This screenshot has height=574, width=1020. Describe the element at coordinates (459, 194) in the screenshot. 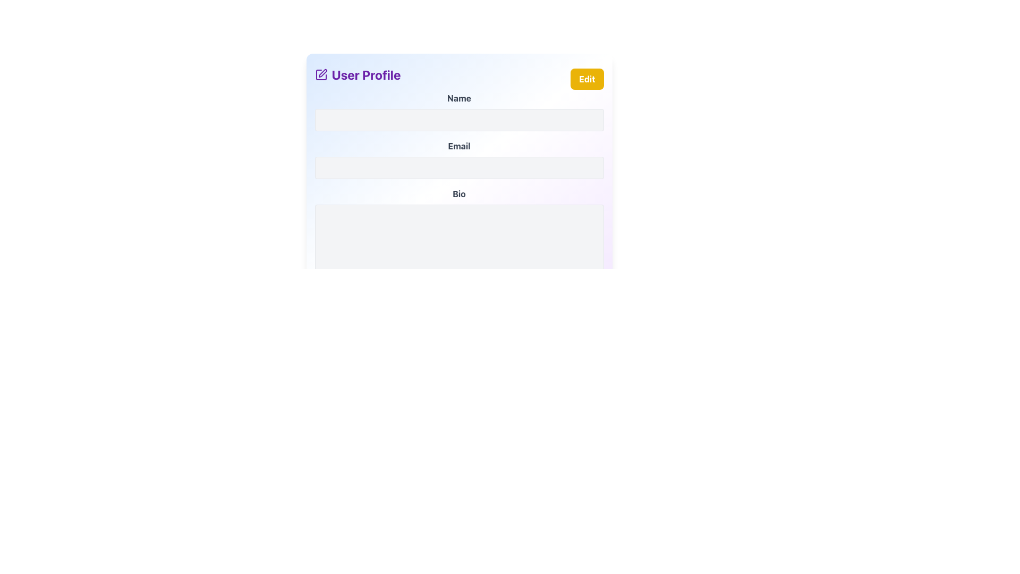

I see `the Text Label that provides context for the bio input field in the user profile form` at that location.